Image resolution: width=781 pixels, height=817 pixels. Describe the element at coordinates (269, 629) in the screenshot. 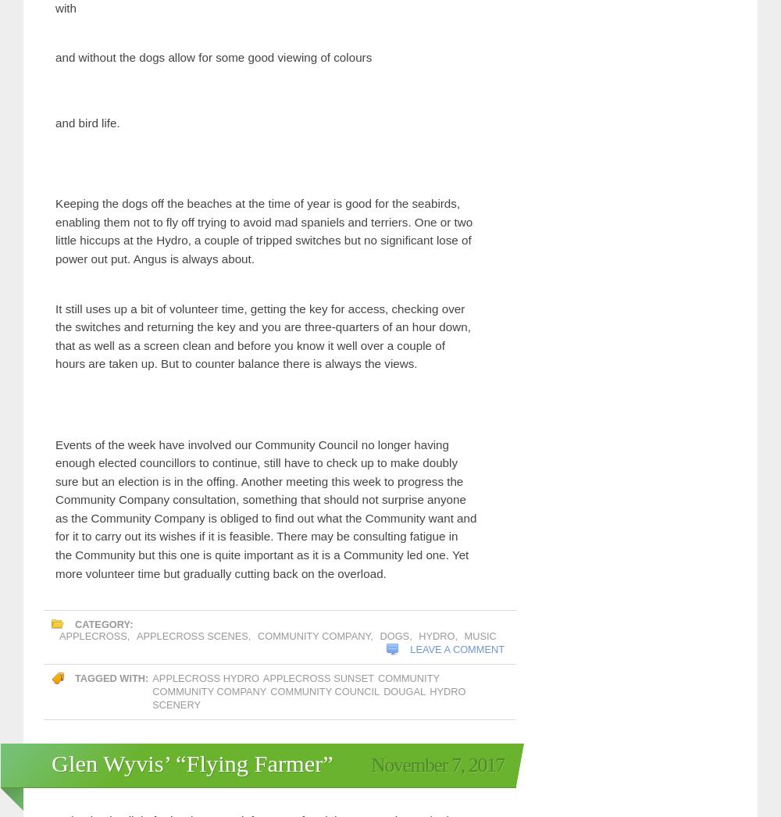

I see `'weather'` at that location.